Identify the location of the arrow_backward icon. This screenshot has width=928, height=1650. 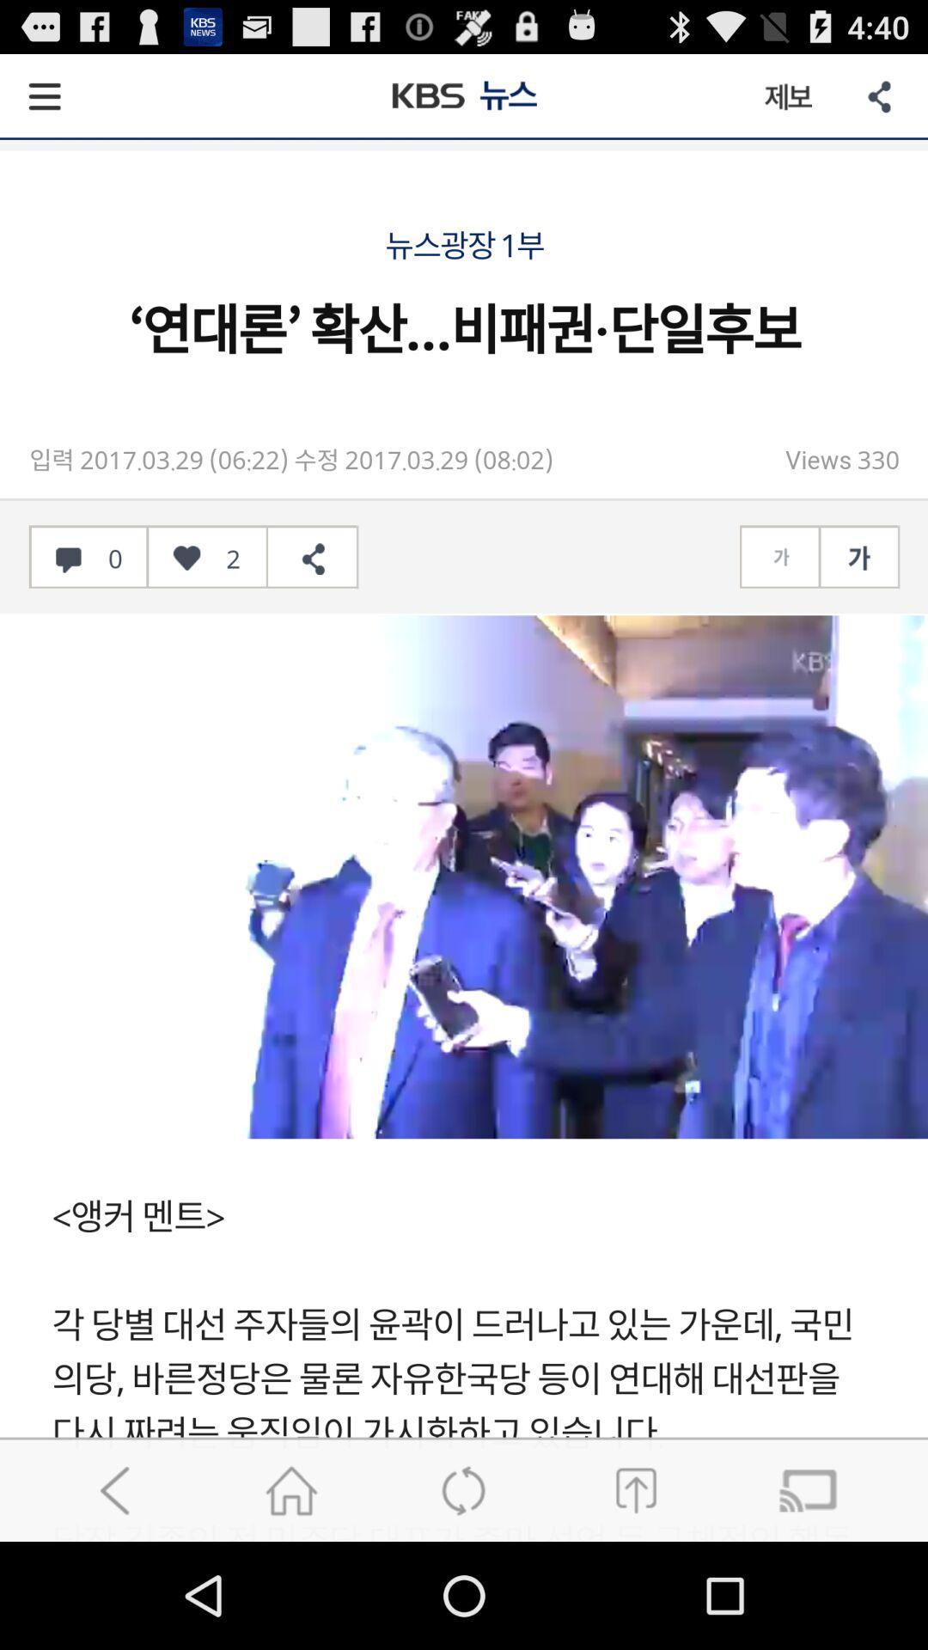
(119, 1594).